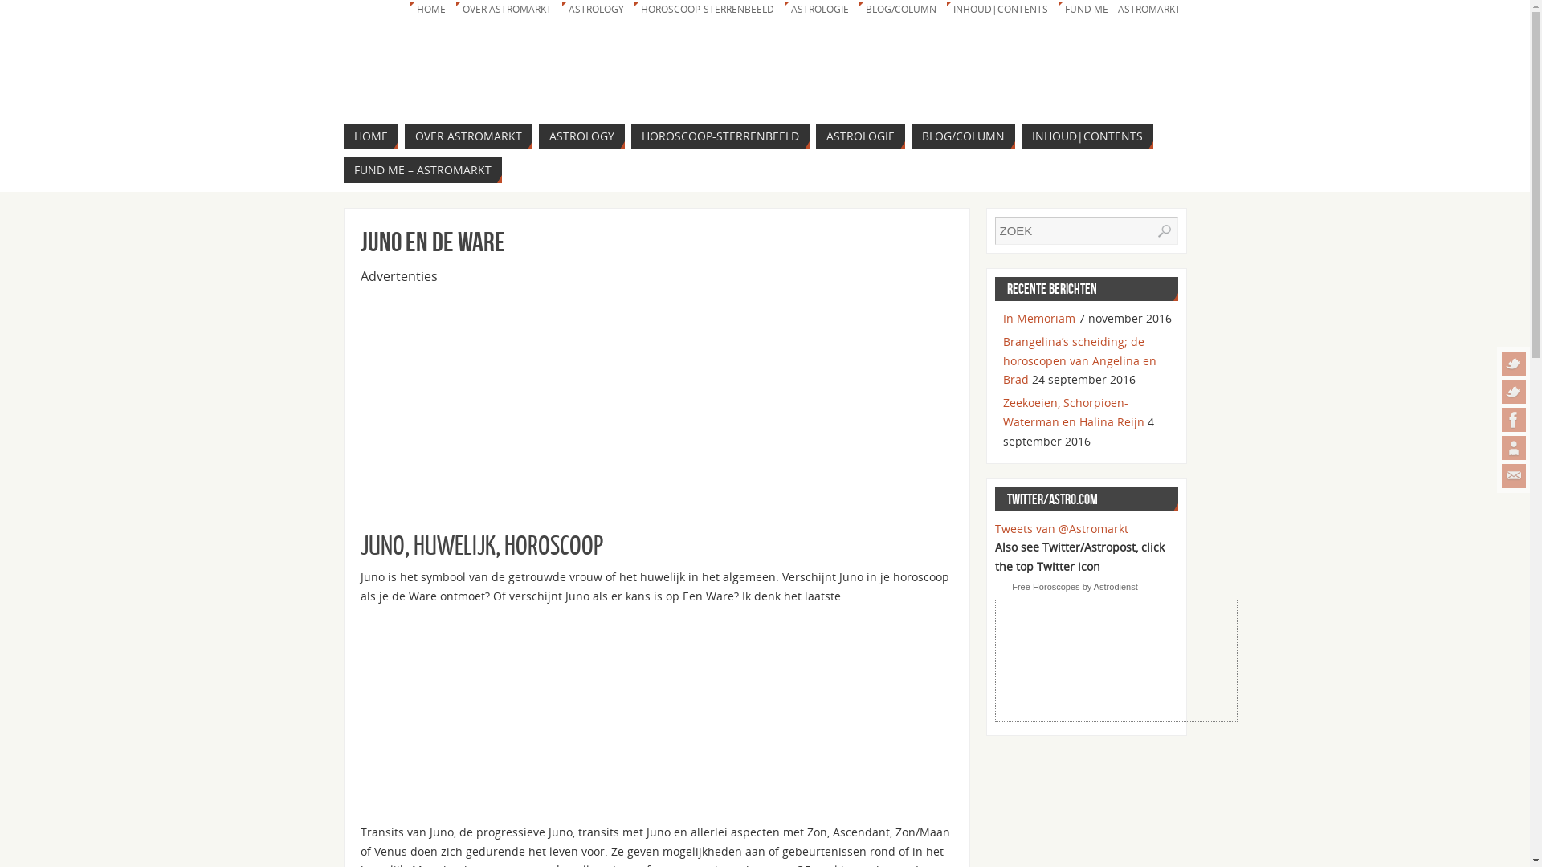 The image size is (1542, 867). I want to click on 'ASTROLOGY', so click(593, 9).